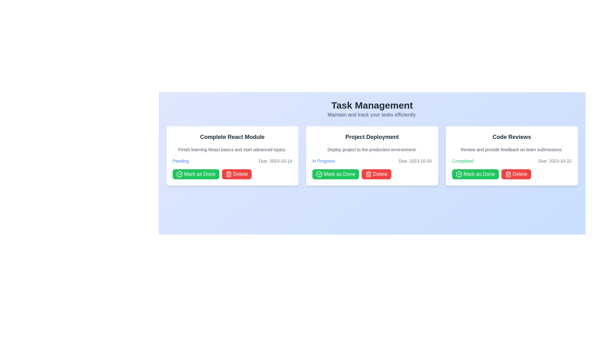  Describe the element at coordinates (180, 160) in the screenshot. I see `the static text label displaying 'Pending' styled in blue color, located near the top-left corner of the task card titled 'Complete React Module'` at that location.